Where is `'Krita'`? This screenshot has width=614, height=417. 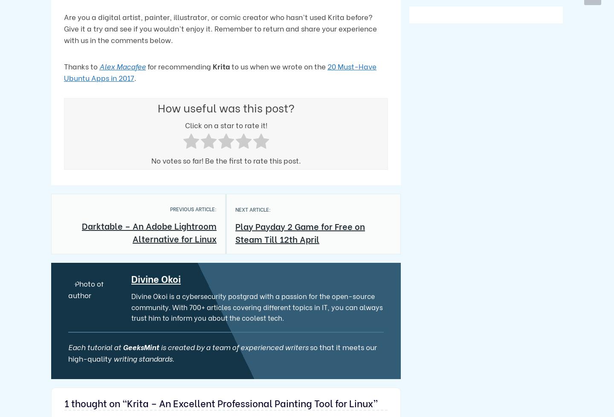
'Krita' is located at coordinates (220, 66).